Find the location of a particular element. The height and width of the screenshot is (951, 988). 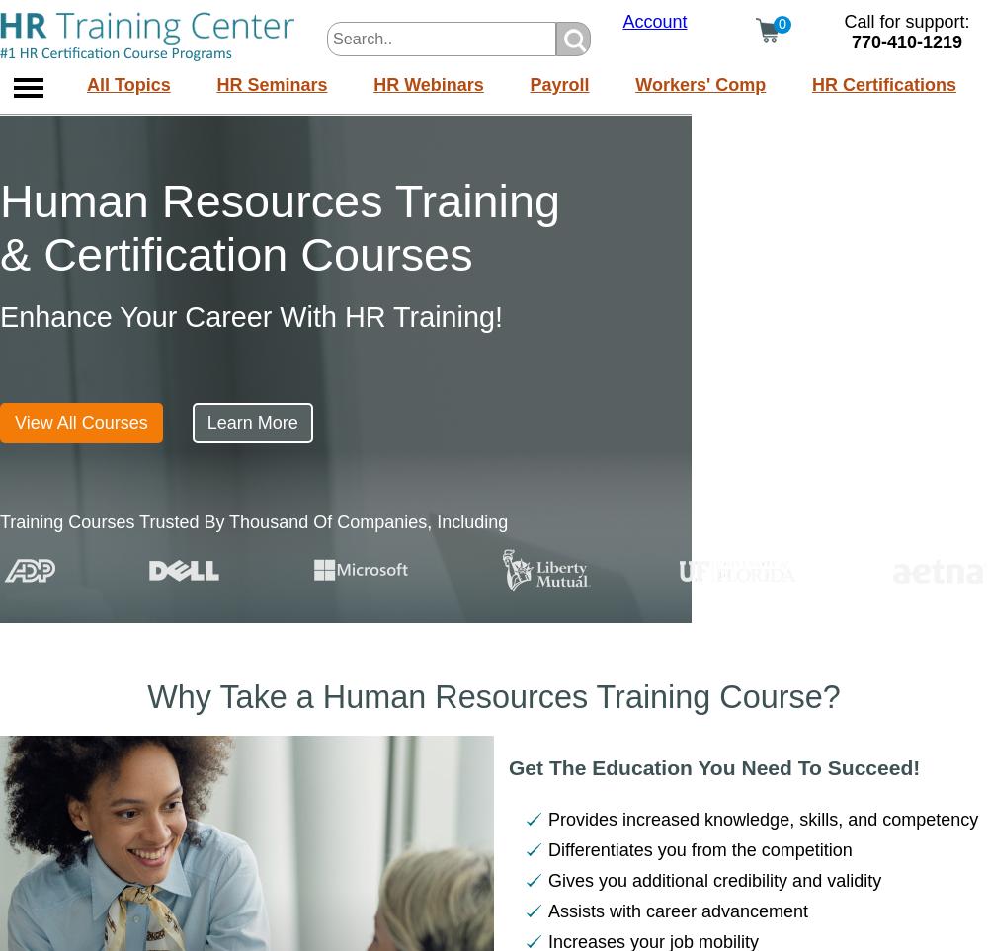

'Gives you additional credibility and validity' is located at coordinates (713, 878).